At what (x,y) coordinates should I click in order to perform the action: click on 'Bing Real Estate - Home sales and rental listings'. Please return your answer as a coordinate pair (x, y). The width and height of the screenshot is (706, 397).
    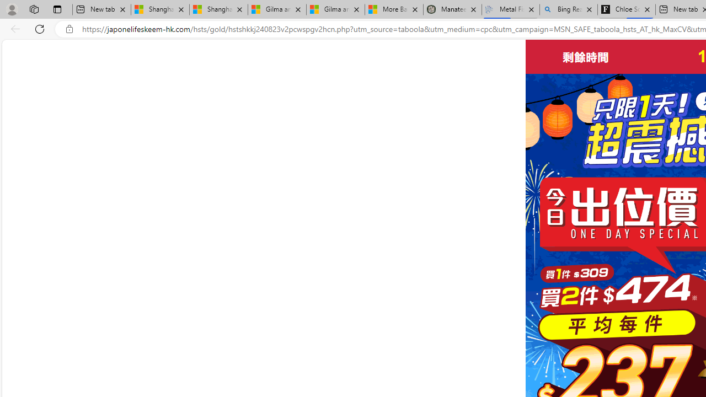
    Looking at the image, I should click on (569, 9).